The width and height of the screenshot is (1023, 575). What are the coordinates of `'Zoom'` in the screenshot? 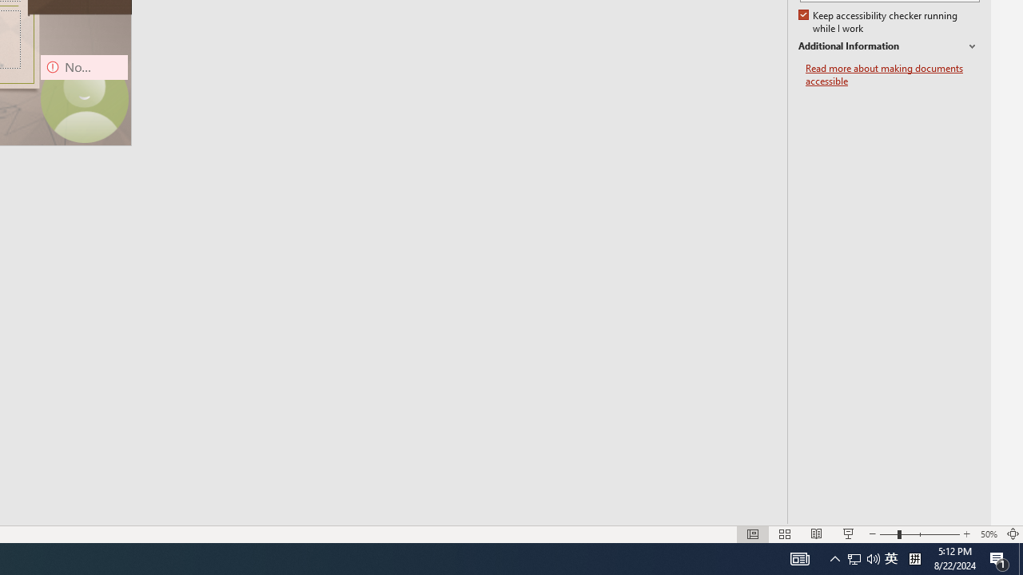 It's located at (919, 534).